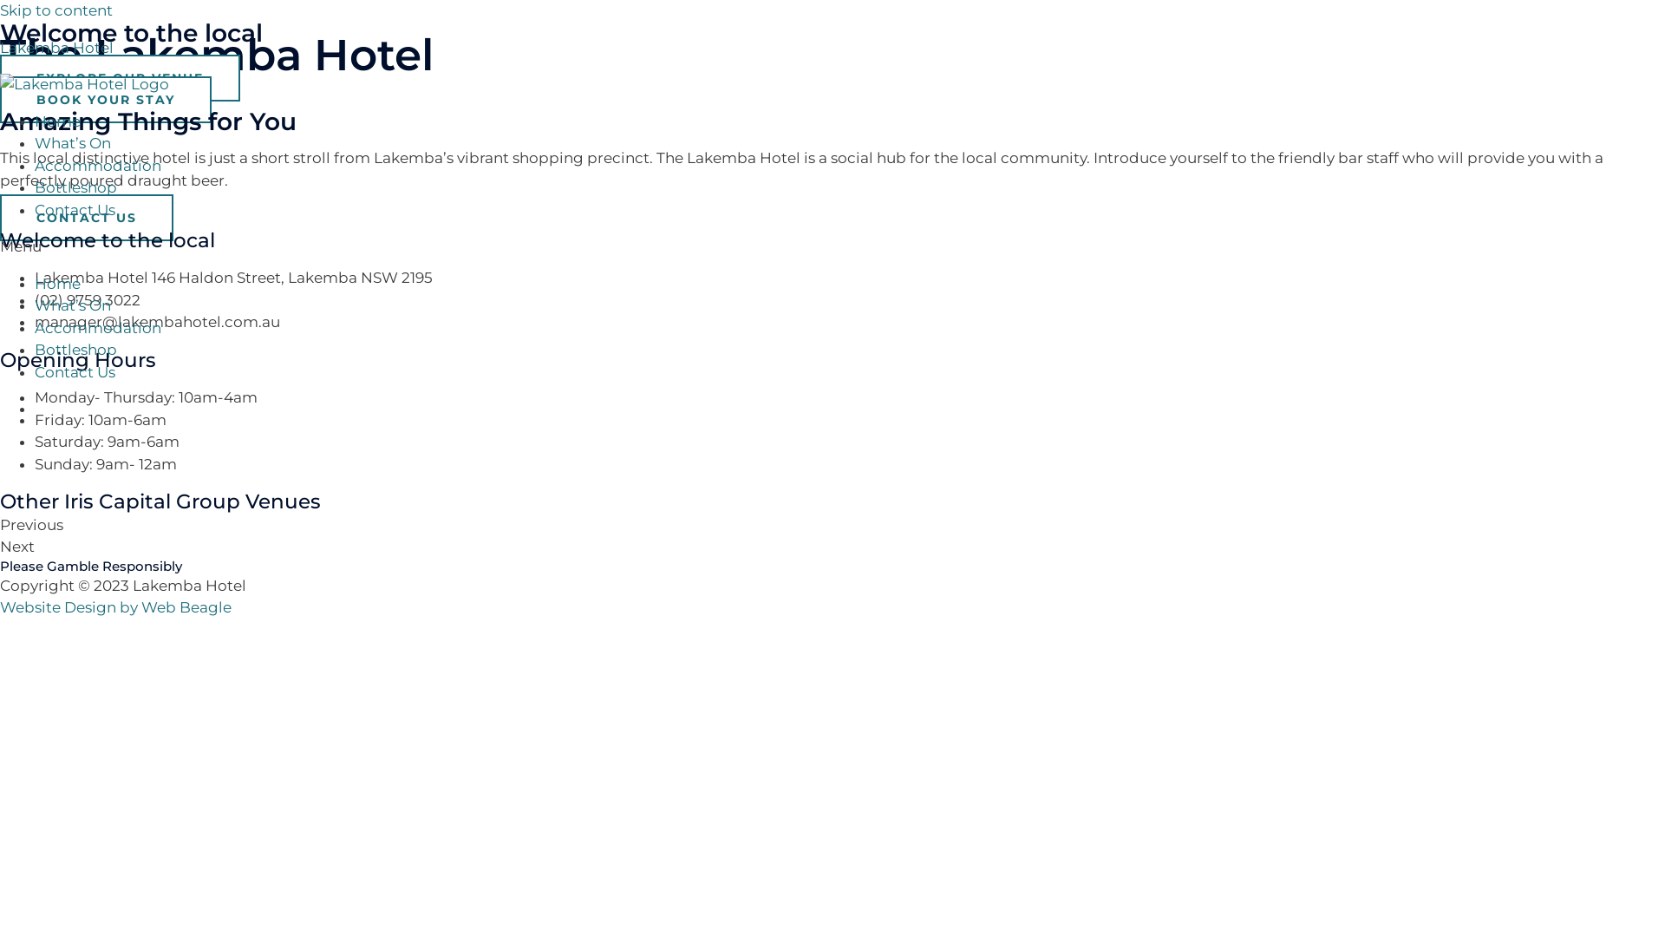 This screenshot has width=1665, height=937. Describe the element at coordinates (57, 120) in the screenshot. I see `'Home'` at that location.